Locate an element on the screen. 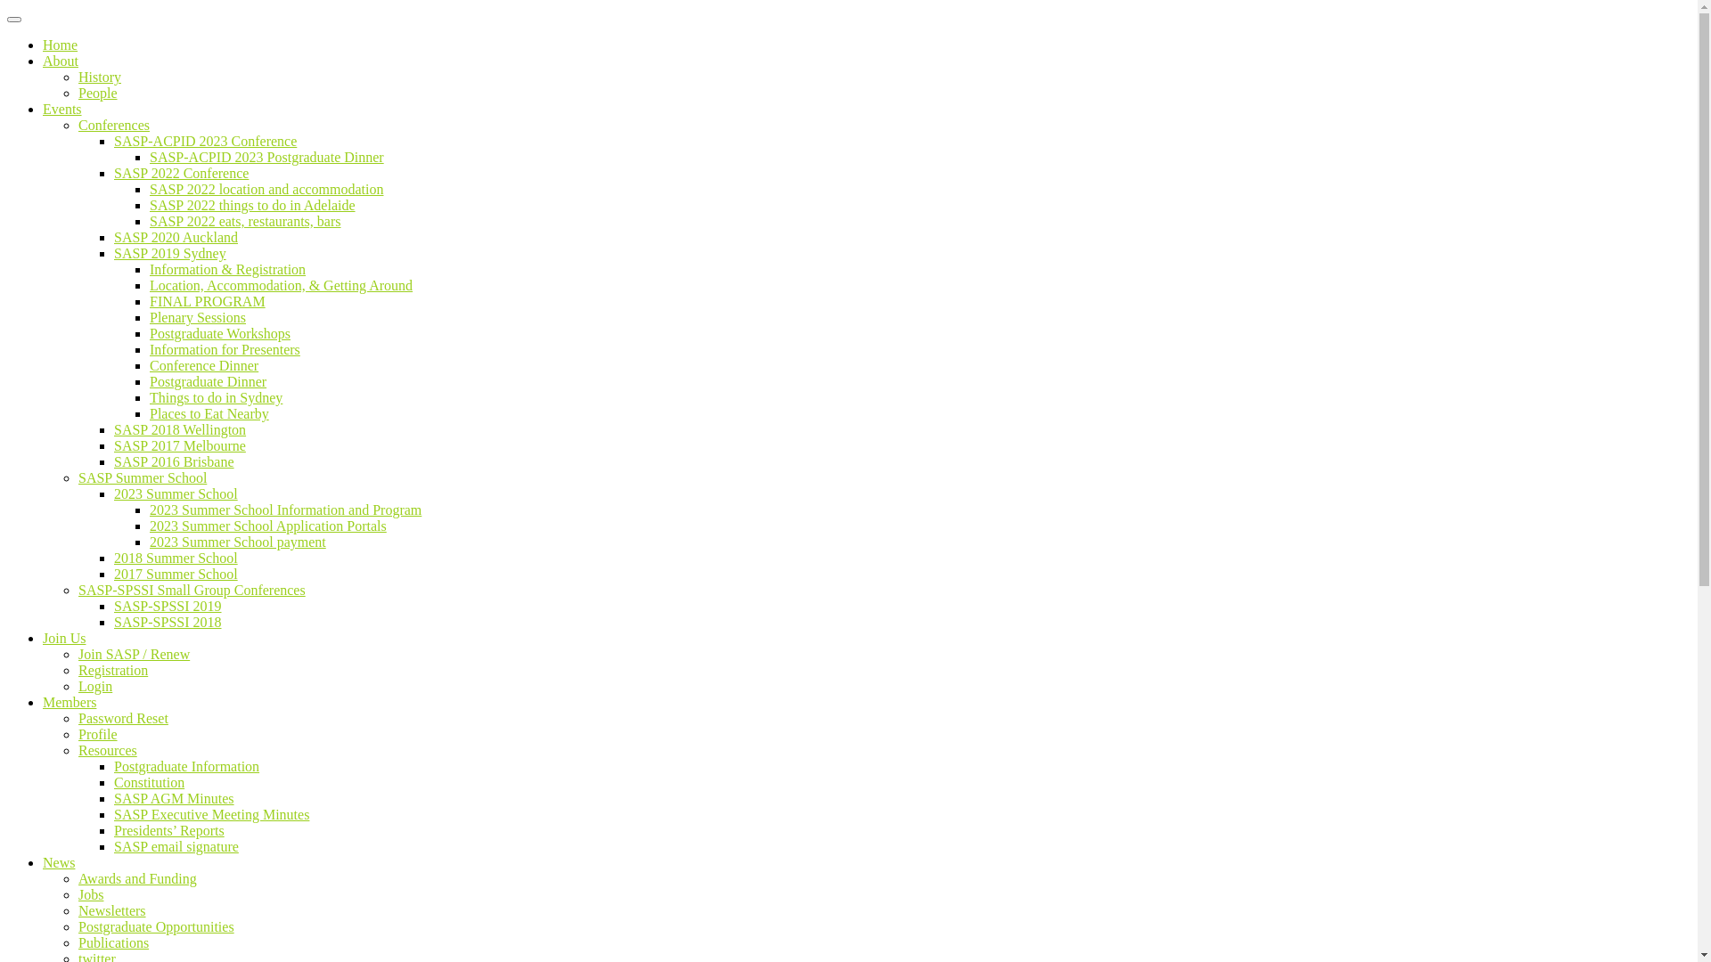 The width and height of the screenshot is (1711, 962). 'Postgraduate Workshops' is located at coordinates (218, 333).